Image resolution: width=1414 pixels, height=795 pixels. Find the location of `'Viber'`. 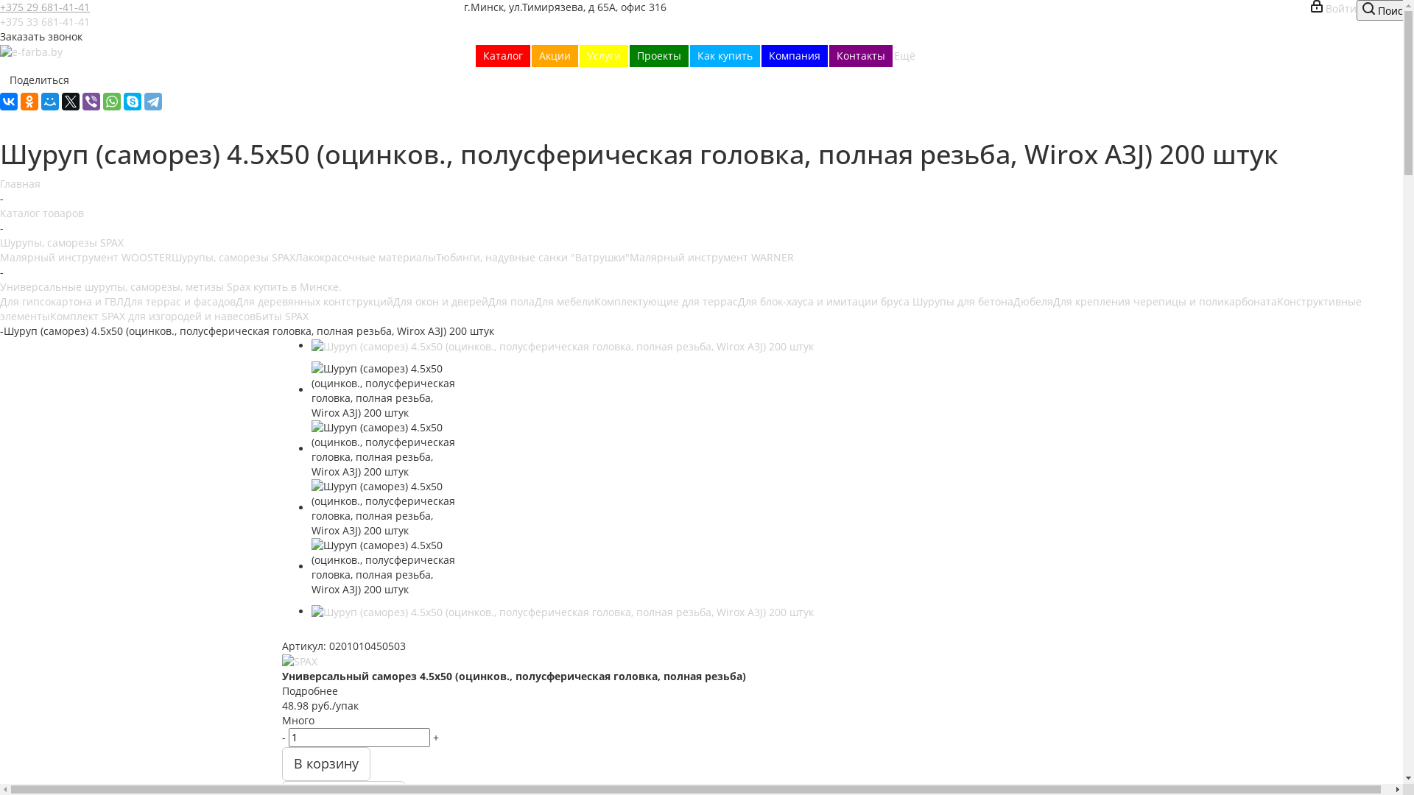

'Viber' is located at coordinates (91, 101).